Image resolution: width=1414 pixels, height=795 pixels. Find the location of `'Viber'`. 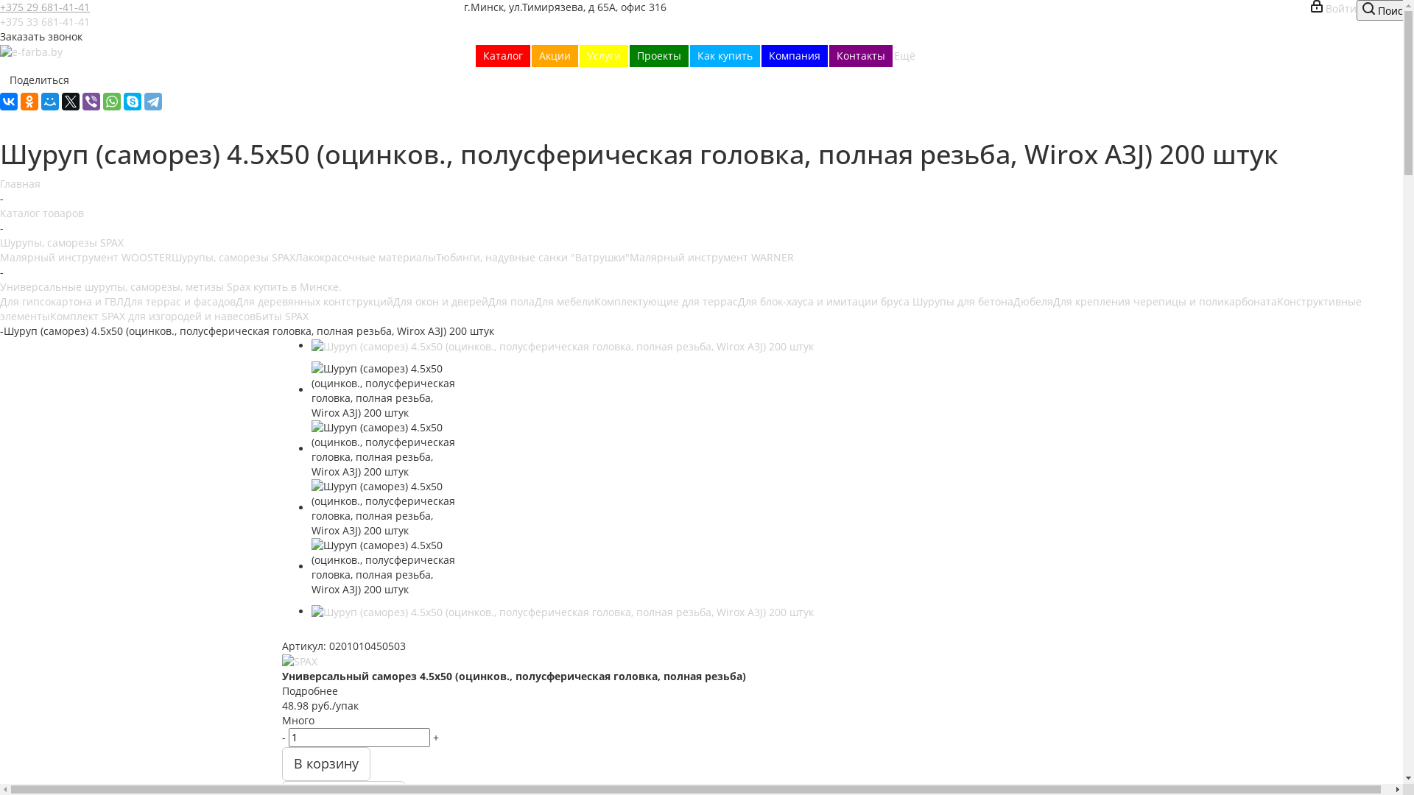

'Viber' is located at coordinates (91, 101).